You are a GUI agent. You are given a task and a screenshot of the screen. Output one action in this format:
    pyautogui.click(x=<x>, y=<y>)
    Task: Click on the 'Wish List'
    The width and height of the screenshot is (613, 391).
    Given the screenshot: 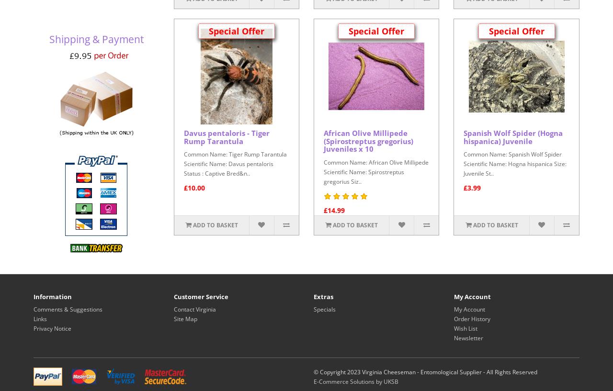 What is the action you would take?
    pyautogui.click(x=465, y=328)
    